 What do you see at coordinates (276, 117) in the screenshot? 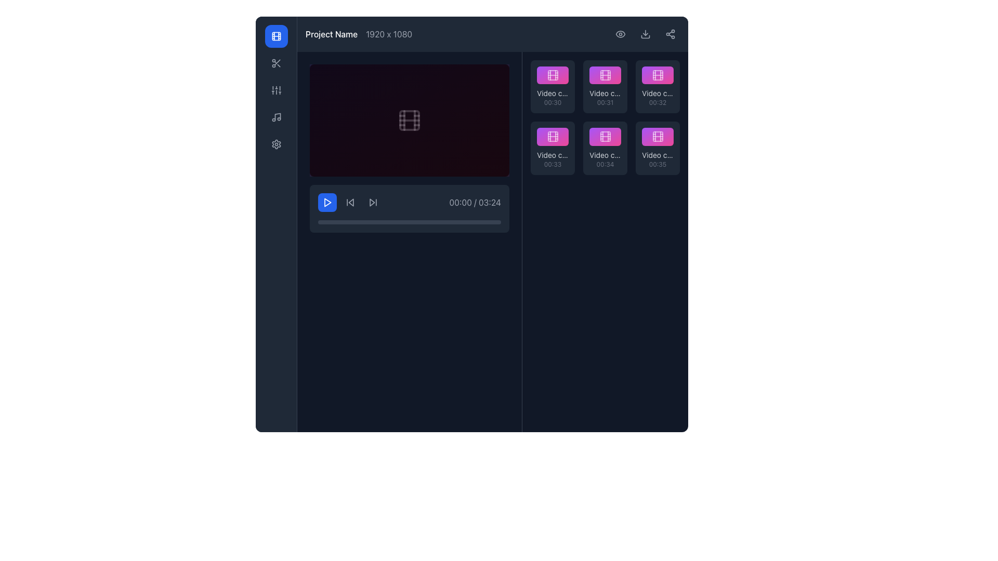
I see `the music icon button, which is a gray note symbol located as the second icon` at bounding box center [276, 117].